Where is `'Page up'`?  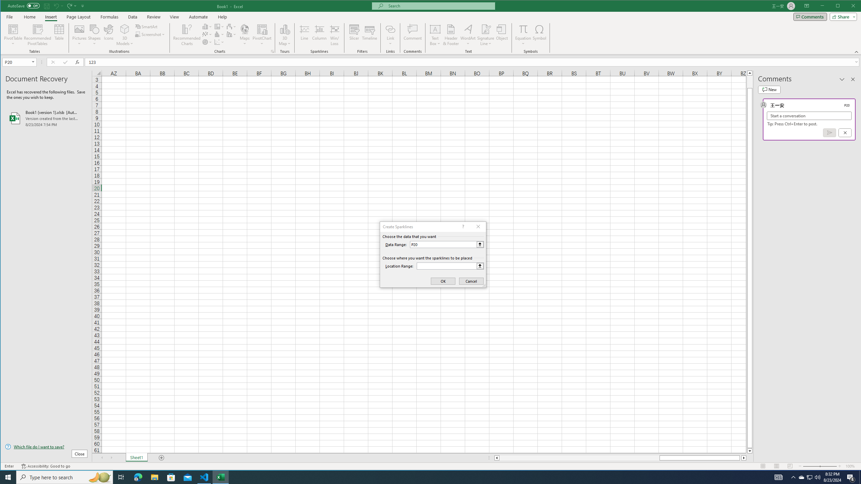 'Page up' is located at coordinates (750, 81).